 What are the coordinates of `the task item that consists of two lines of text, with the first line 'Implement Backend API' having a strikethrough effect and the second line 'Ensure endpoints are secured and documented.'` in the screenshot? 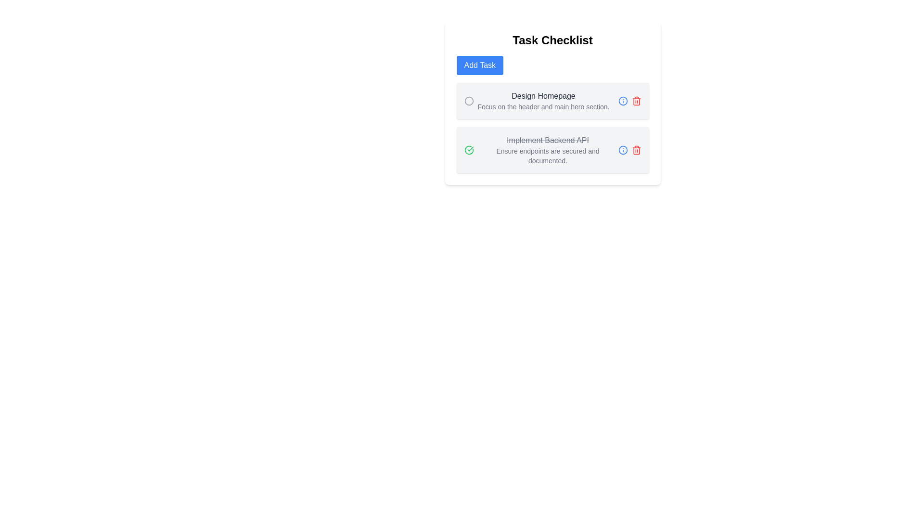 It's located at (548, 150).